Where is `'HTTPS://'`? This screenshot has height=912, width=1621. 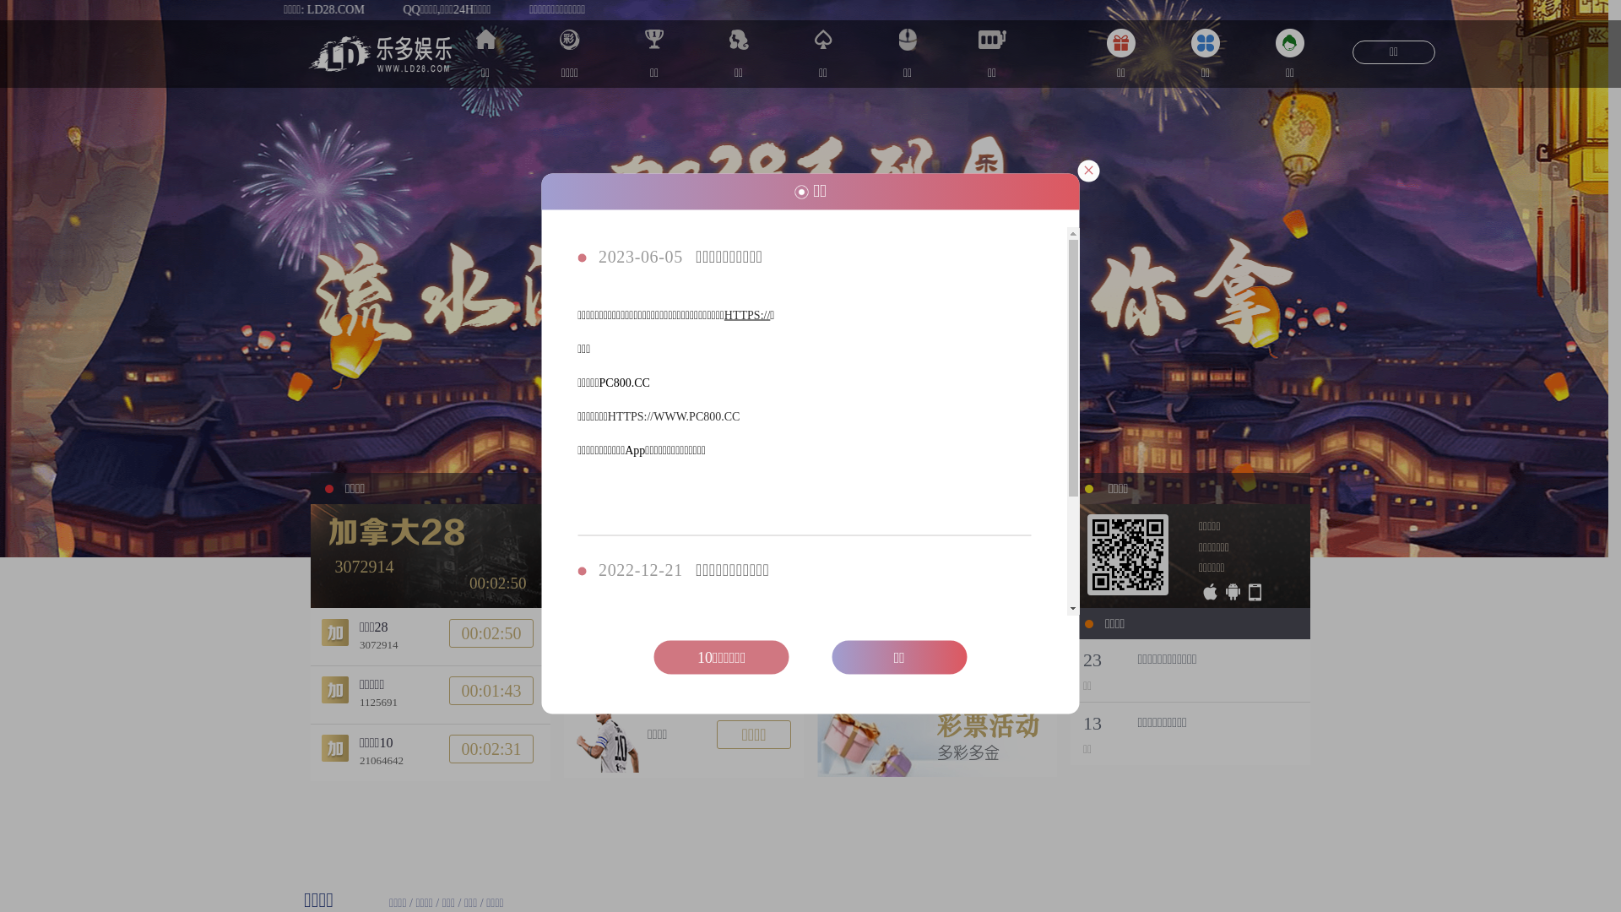
'HTTPS://' is located at coordinates (724, 315).